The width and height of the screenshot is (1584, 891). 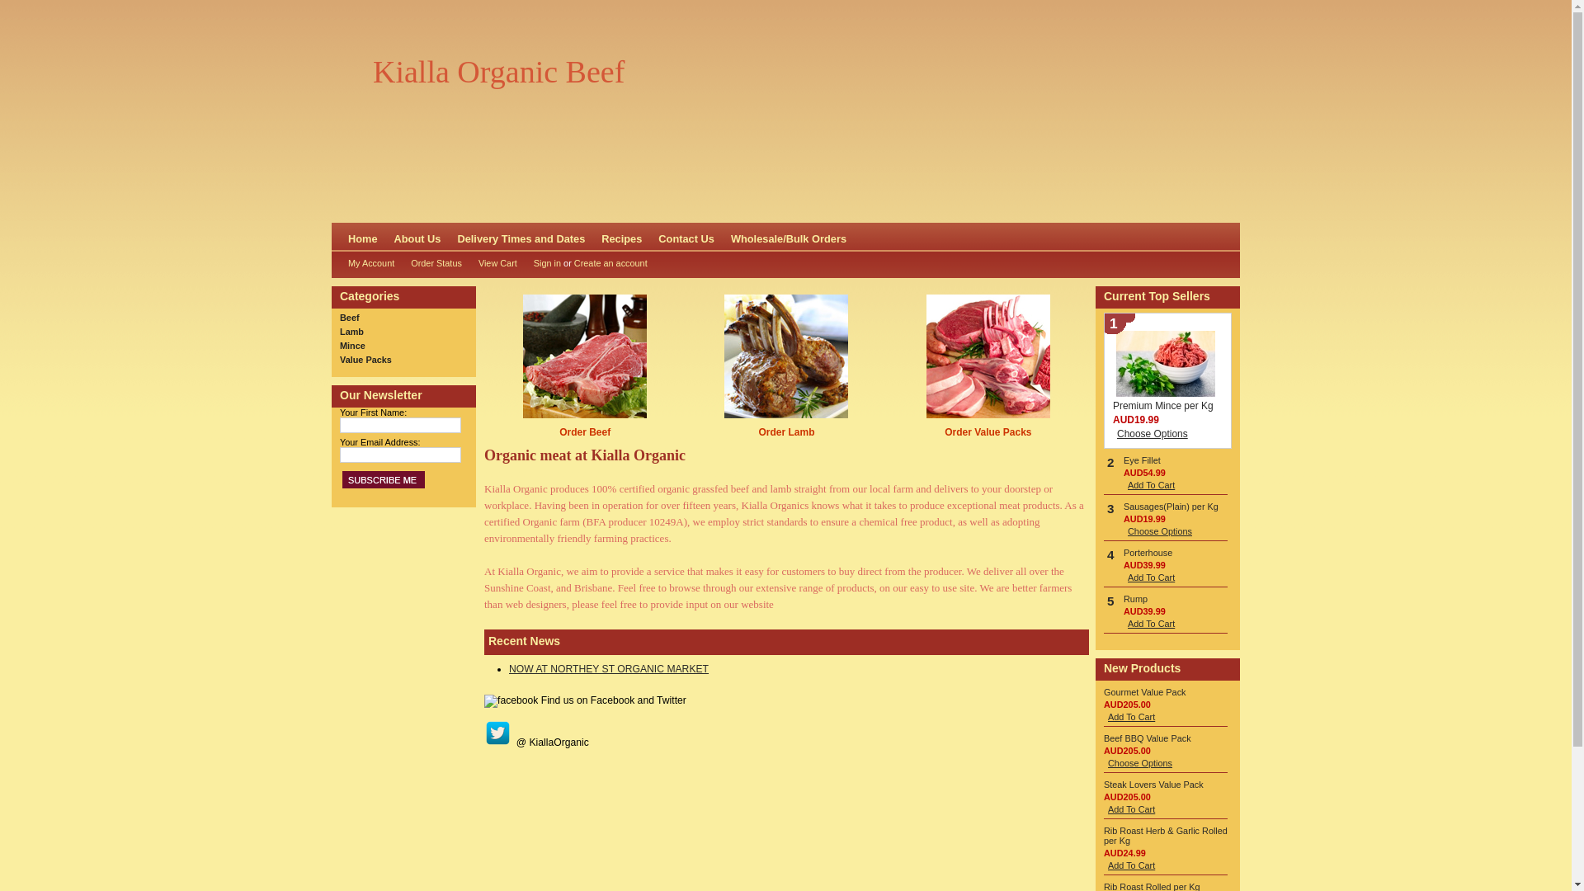 I want to click on 'Add To Cart', so click(x=1150, y=576).